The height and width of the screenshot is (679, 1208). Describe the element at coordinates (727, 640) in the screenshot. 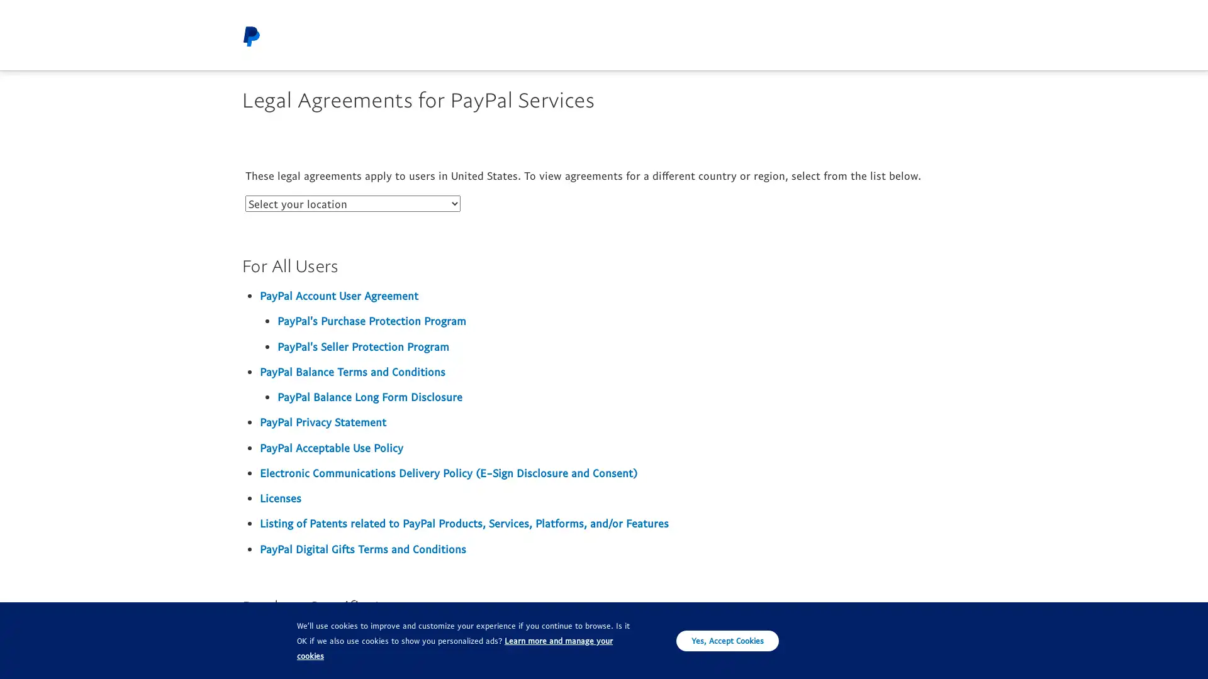

I see `Yes, Accept Cookies` at that location.